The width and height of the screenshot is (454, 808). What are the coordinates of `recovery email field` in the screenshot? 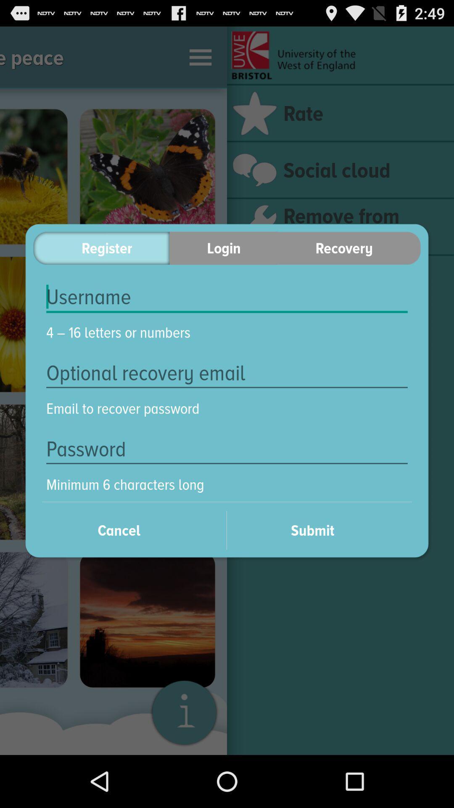 It's located at (227, 372).